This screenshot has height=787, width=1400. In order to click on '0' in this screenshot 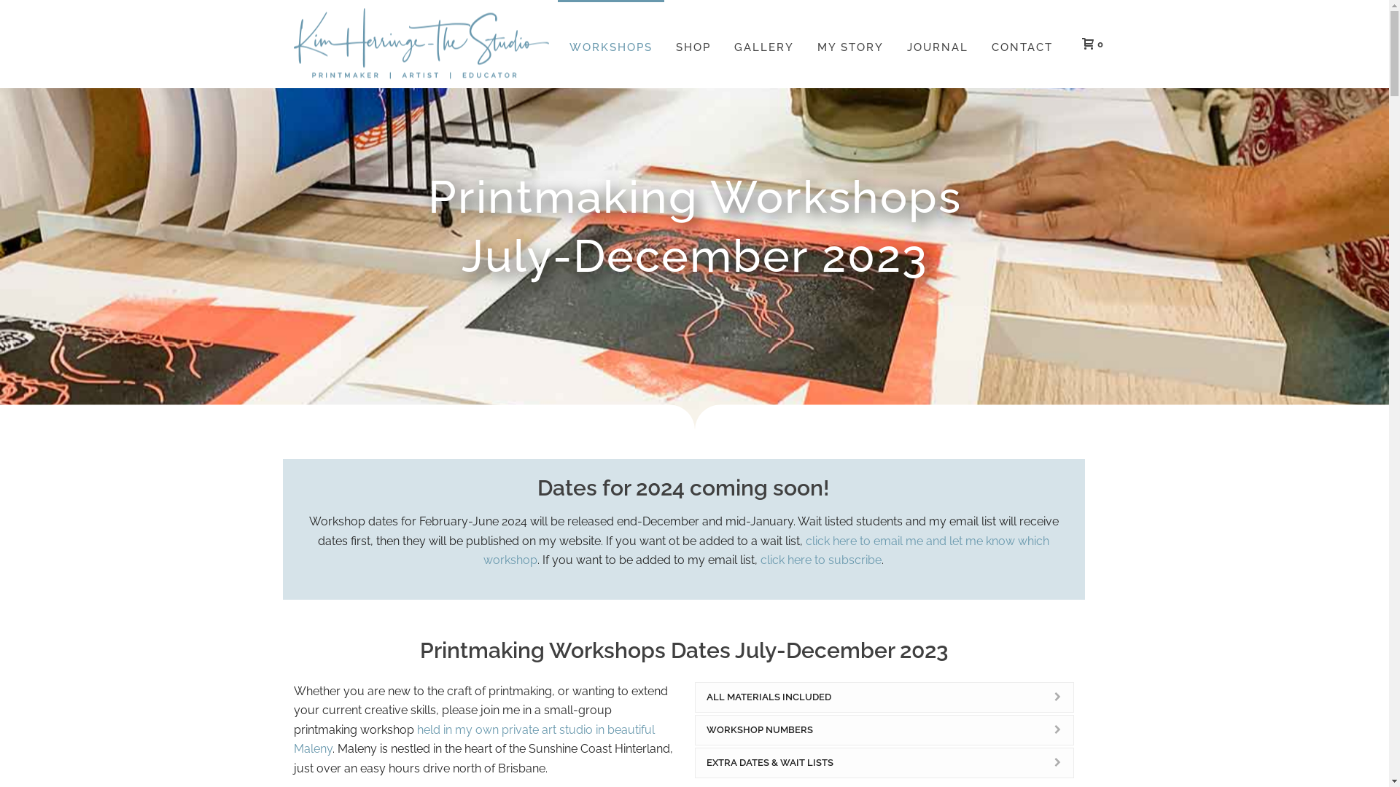, I will do `click(1089, 42)`.